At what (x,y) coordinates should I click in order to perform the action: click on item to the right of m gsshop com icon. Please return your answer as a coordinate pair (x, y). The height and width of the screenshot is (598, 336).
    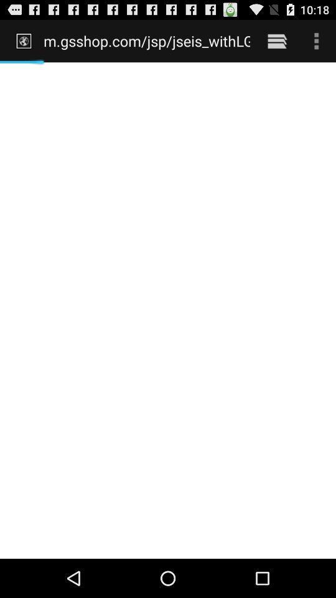
    Looking at the image, I should click on (277, 40).